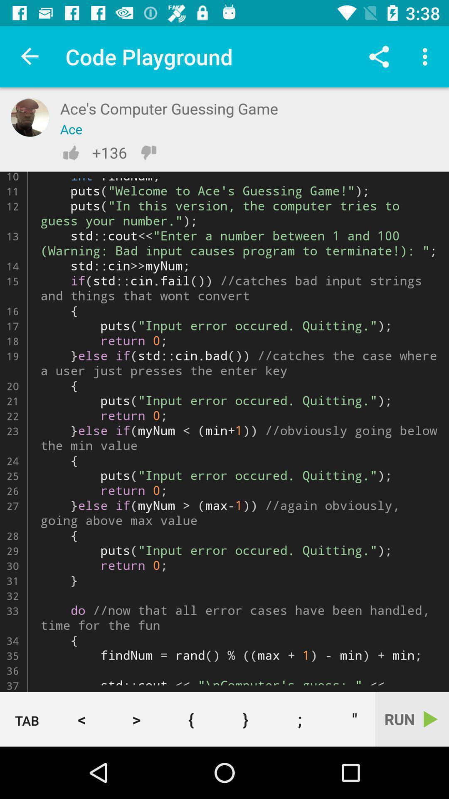  What do you see at coordinates (30, 117) in the screenshot?
I see `open profile` at bounding box center [30, 117].